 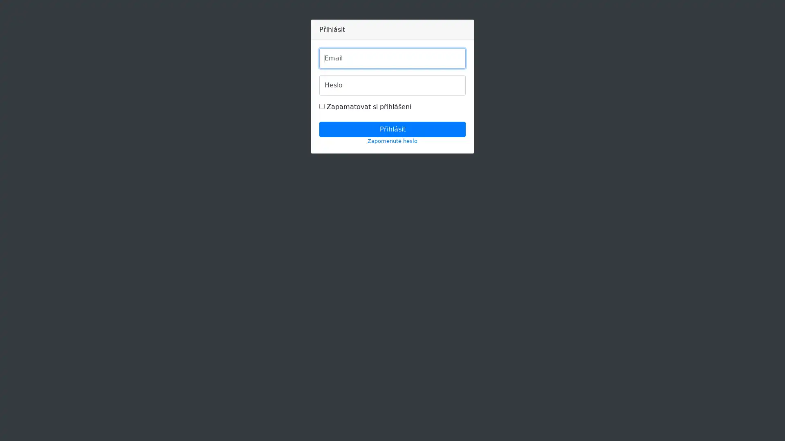 I want to click on Prihlasit, so click(x=392, y=129).